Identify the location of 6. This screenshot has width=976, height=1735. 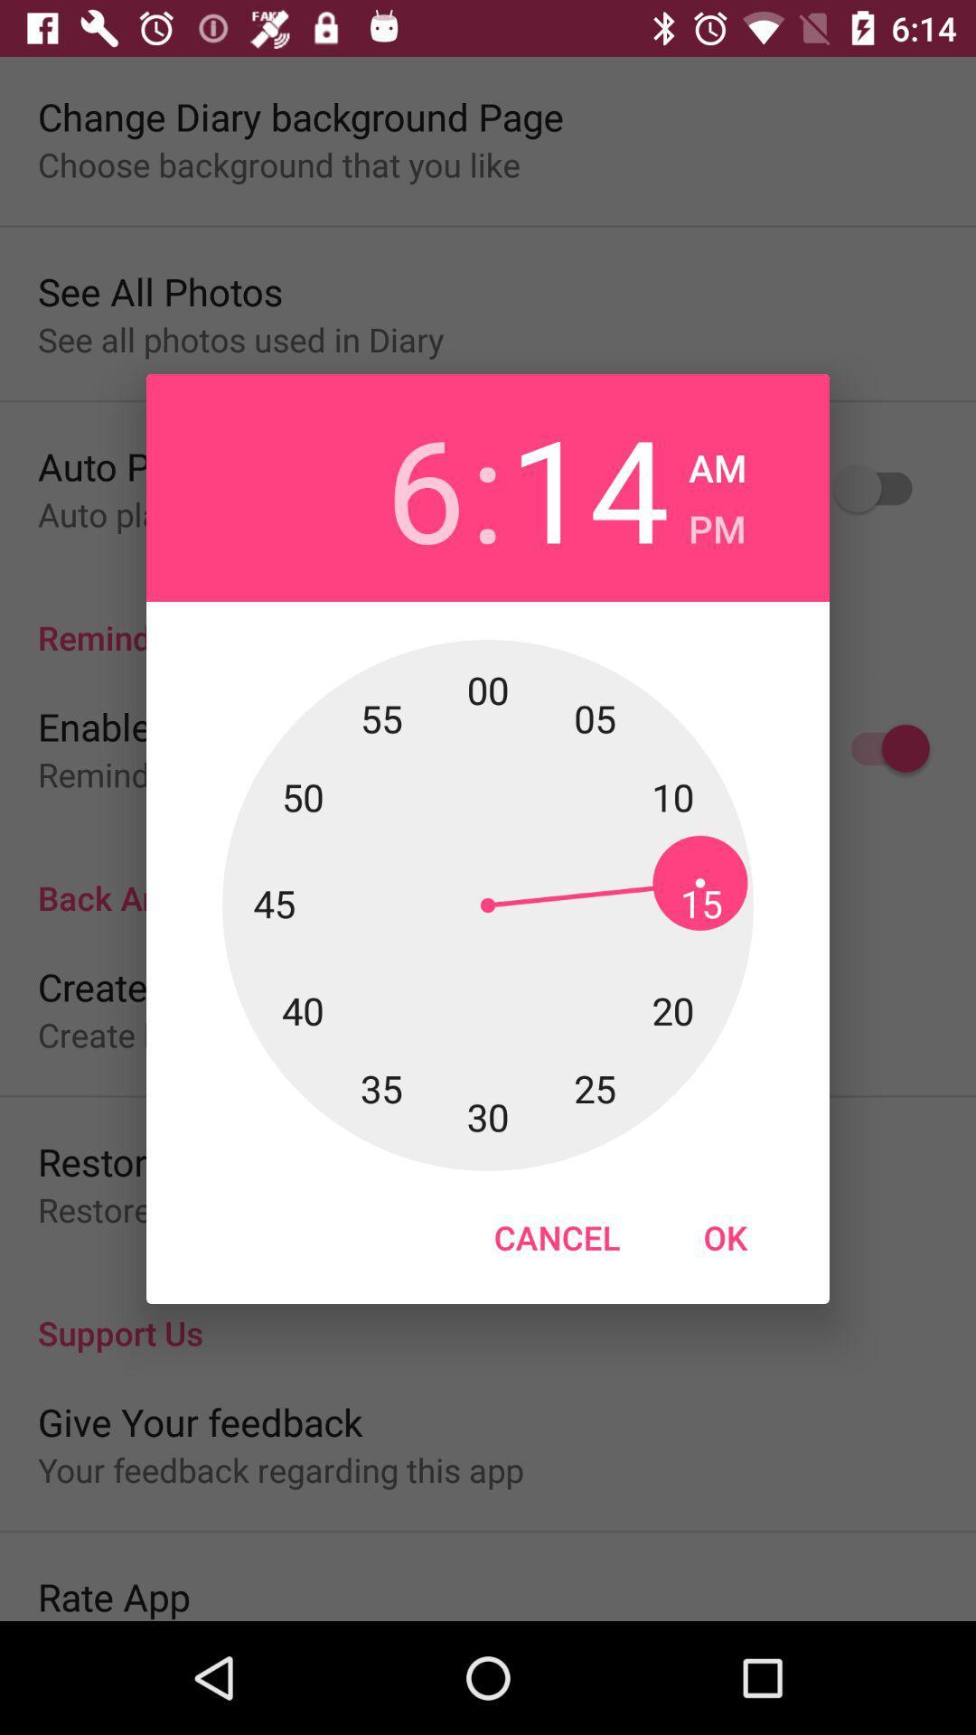
(384, 487).